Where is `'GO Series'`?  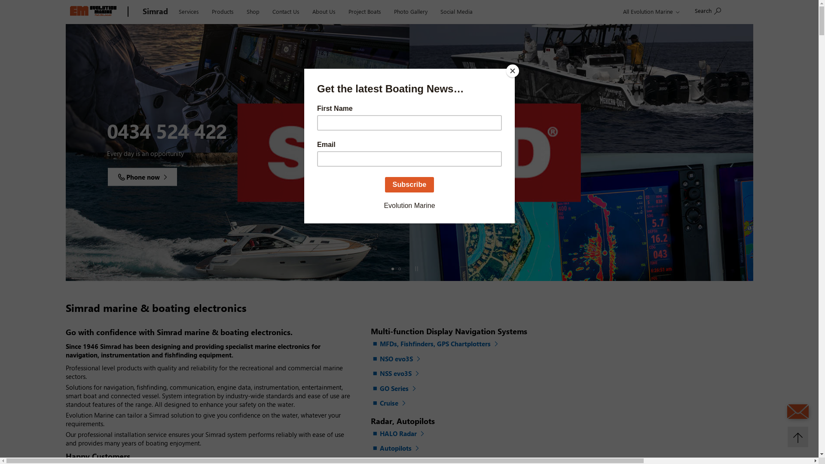
'GO Series' is located at coordinates (394, 389).